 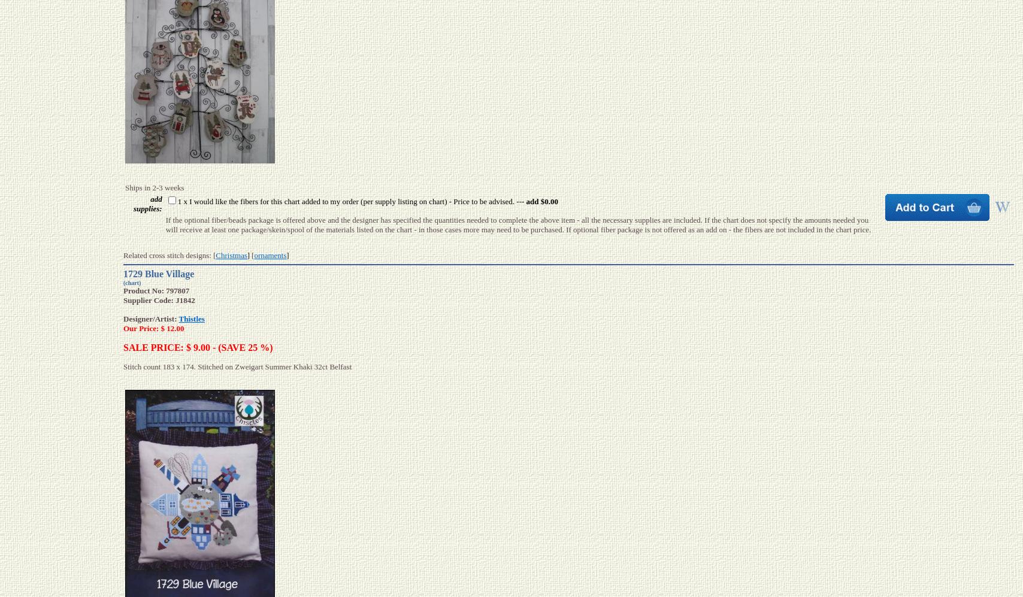 I want to click on '1729 Blue Village', so click(x=123, y=274).